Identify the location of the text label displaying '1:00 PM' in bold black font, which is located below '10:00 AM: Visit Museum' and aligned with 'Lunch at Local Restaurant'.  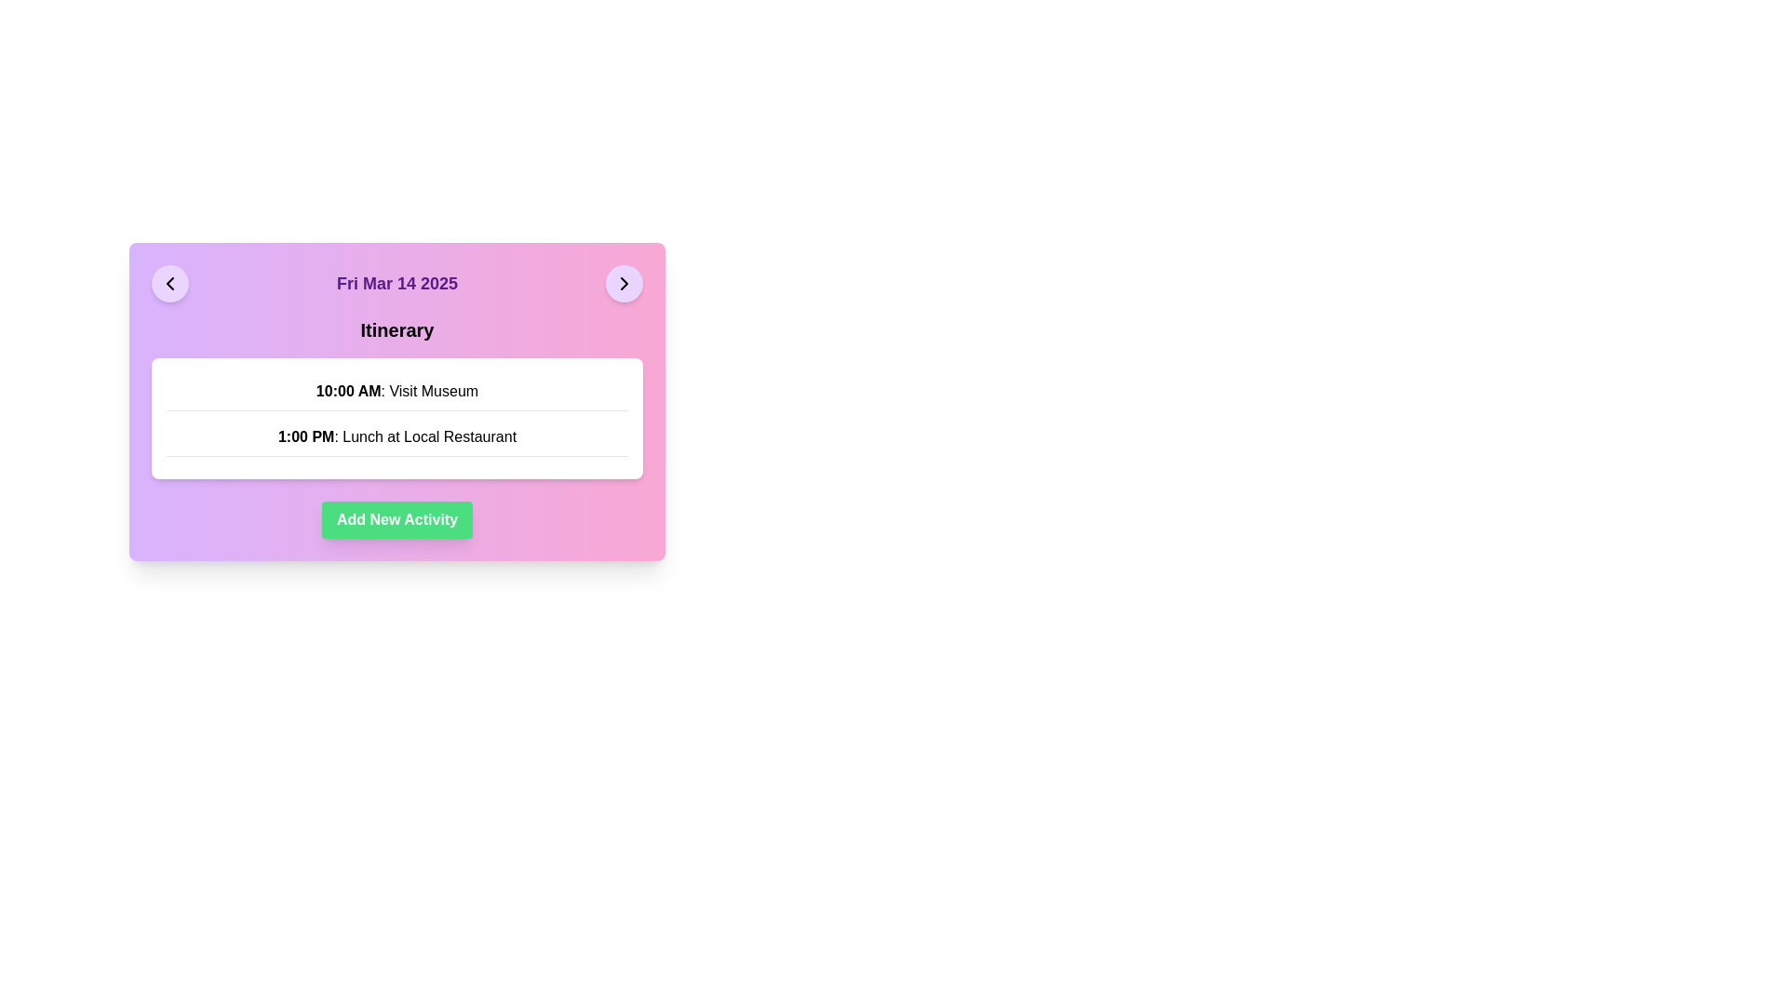
(306, 436).